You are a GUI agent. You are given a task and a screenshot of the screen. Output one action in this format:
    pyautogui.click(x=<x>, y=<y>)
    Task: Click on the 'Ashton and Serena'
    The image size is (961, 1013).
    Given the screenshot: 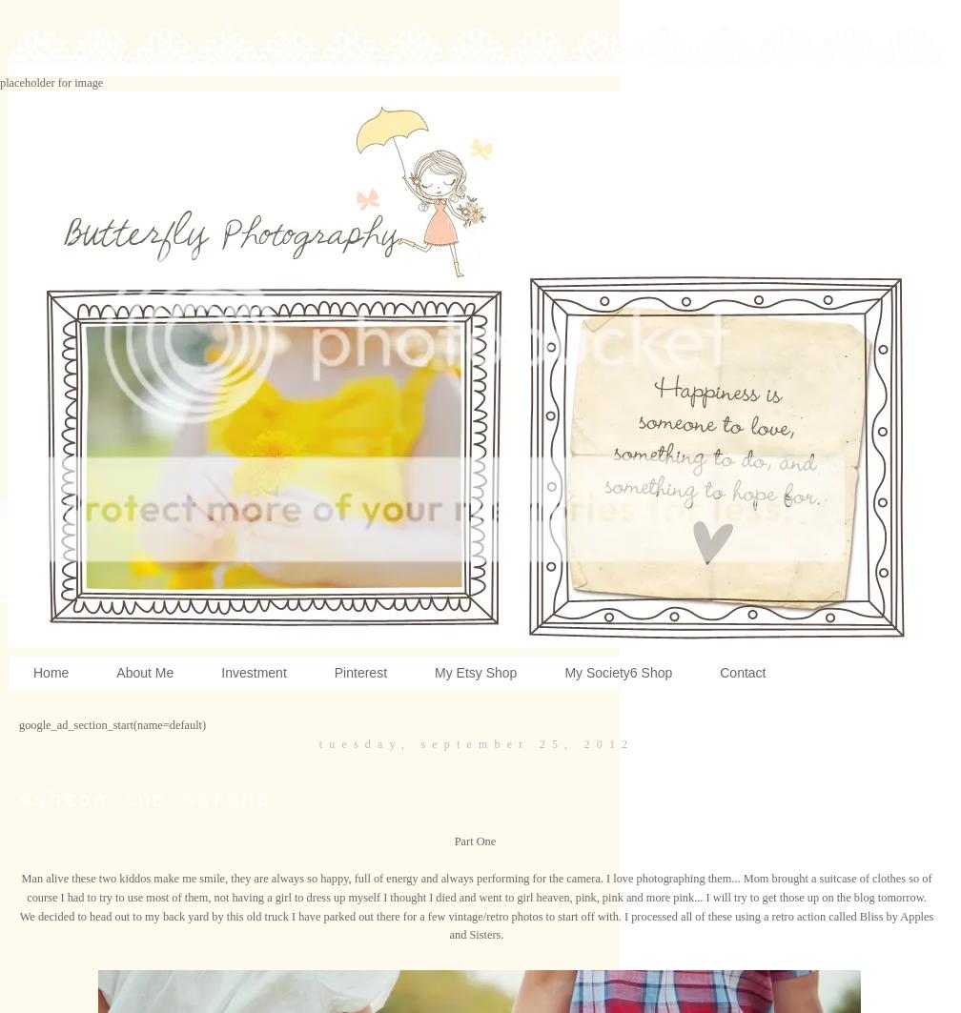 What is the action you would take?
    pyautogui.click(x=145, y=799)
    